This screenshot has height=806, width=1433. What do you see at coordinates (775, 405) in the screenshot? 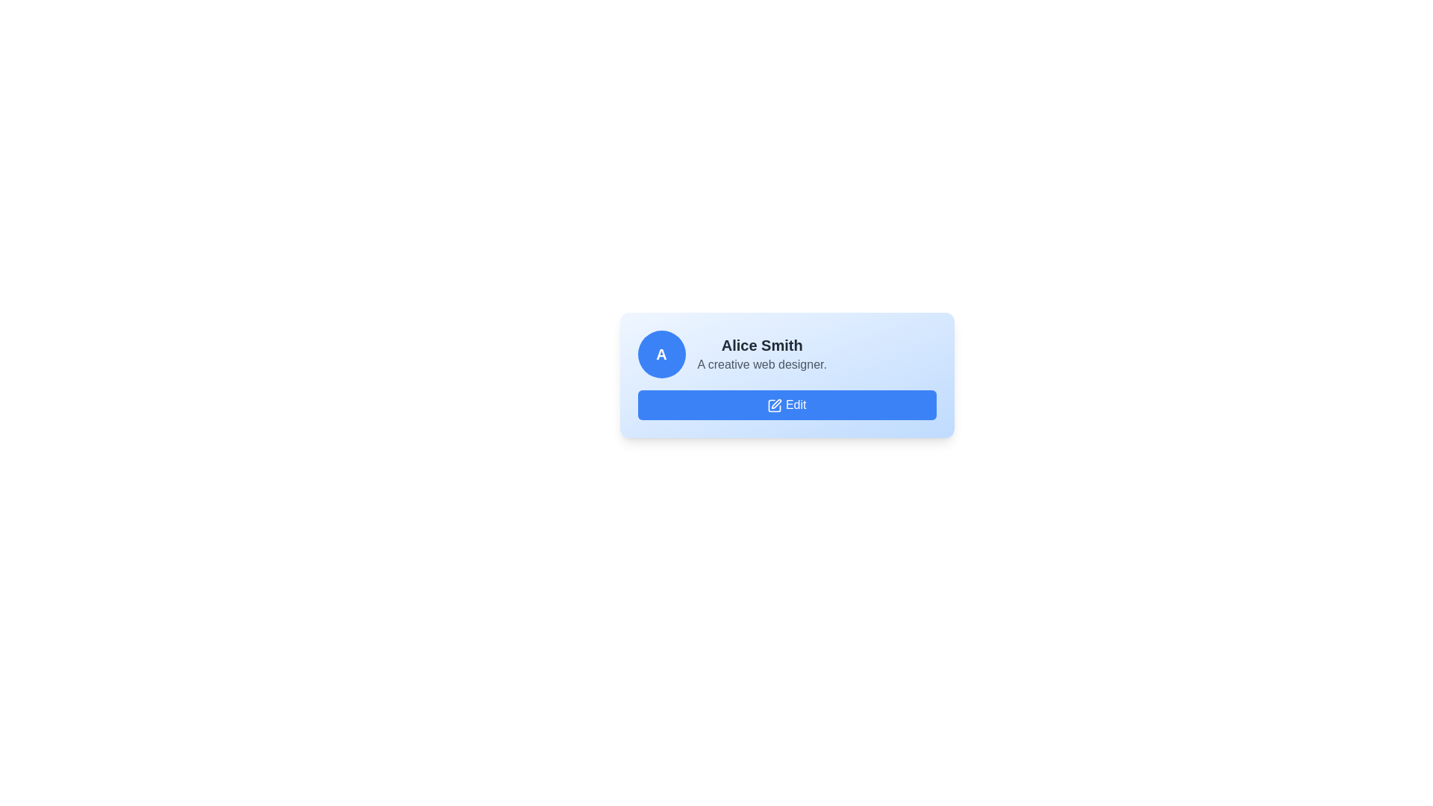
I see `the small pencil icon over the square within the 'Edit' button` at bounding box center [775, 405].